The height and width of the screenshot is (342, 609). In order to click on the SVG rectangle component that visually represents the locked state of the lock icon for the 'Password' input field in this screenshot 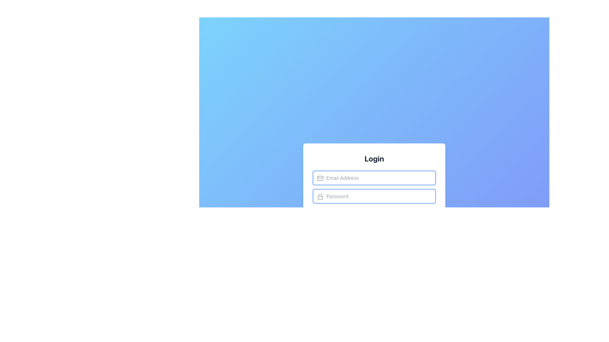, I will do `click(320, 197)`.